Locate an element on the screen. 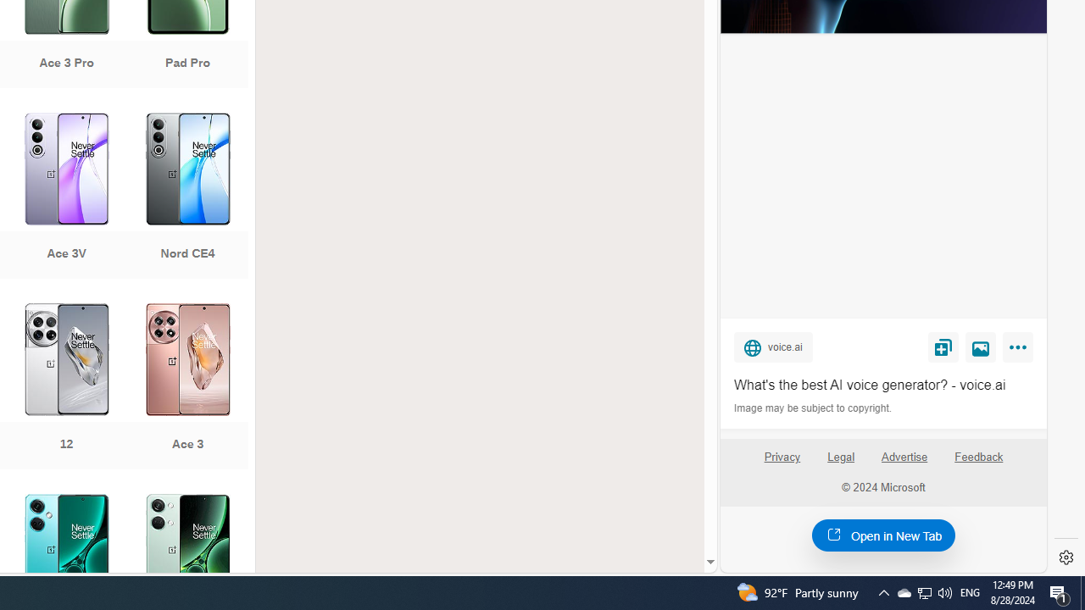  'Image may be subject to copyright.' is located at coordinates (814, 408).